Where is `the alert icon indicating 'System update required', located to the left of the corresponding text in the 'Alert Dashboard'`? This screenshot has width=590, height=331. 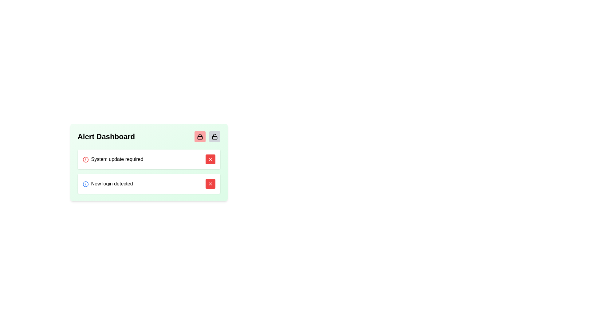
the alert icon indicating 'System update required', located to the left of the corresponding text in the 'Alert Dashboard' is located at coordinates (85, 159).